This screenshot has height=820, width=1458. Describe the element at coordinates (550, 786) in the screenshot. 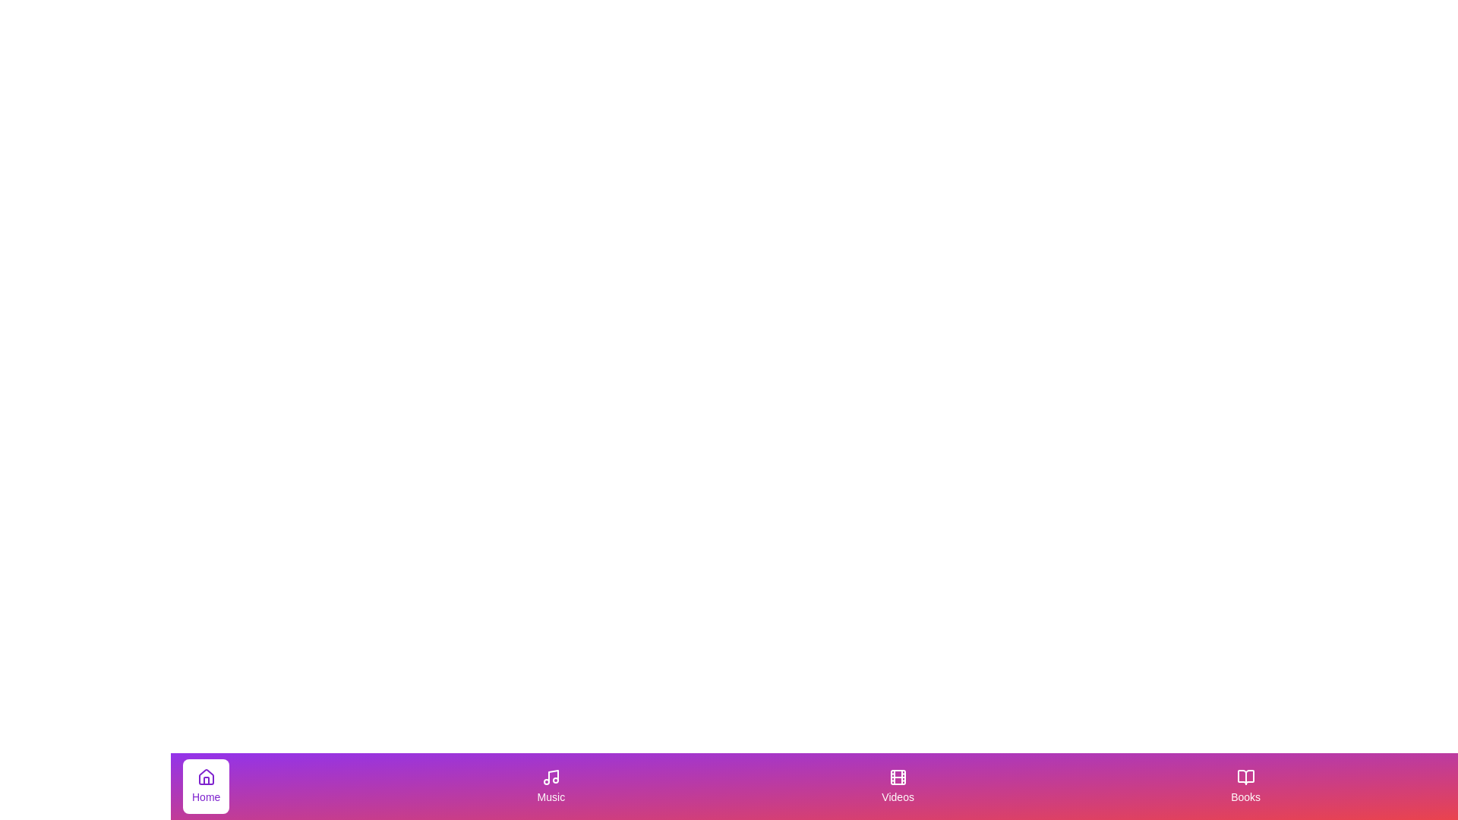

I see `the tab with label Music` at that location.